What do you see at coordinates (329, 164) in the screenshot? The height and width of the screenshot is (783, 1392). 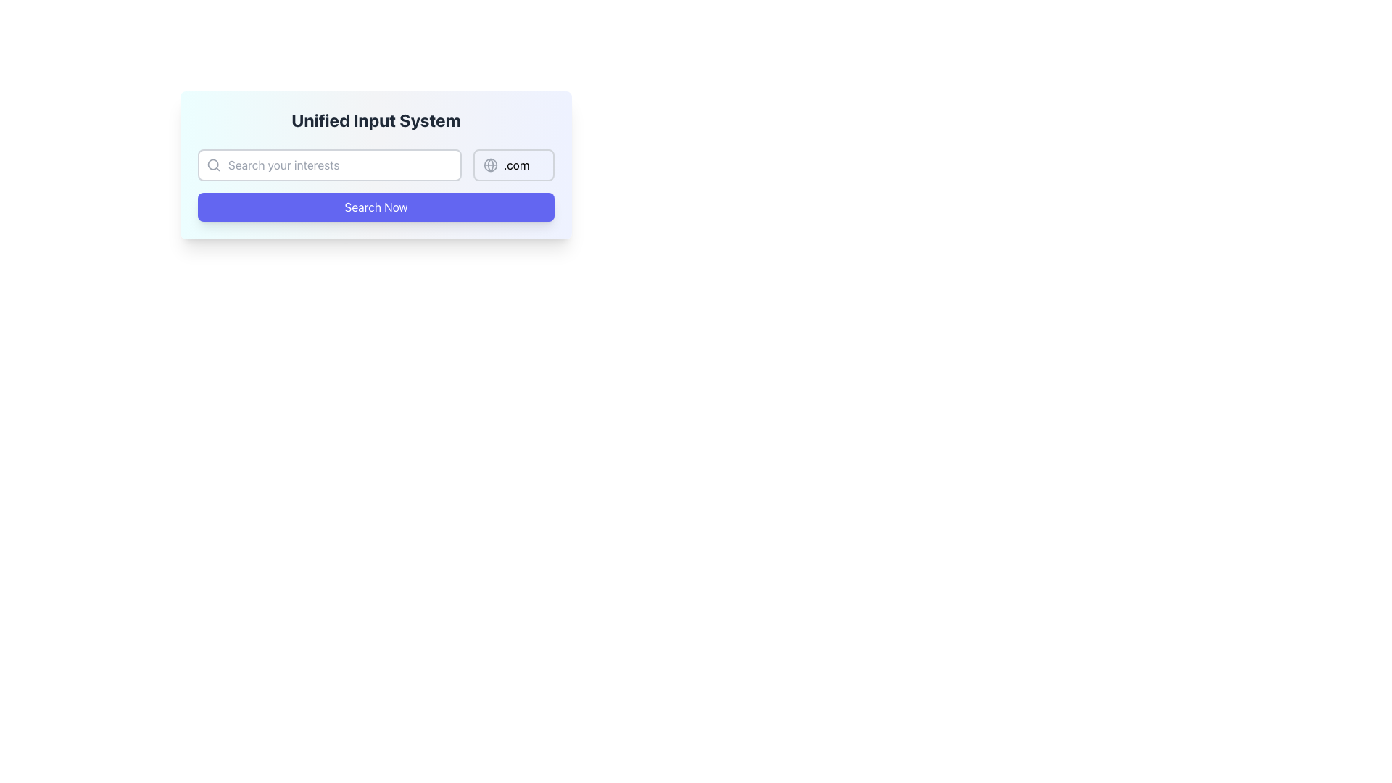 I see `the search text input field located at the top-center of the interface to focus on it` at bounding box center [329, 164].